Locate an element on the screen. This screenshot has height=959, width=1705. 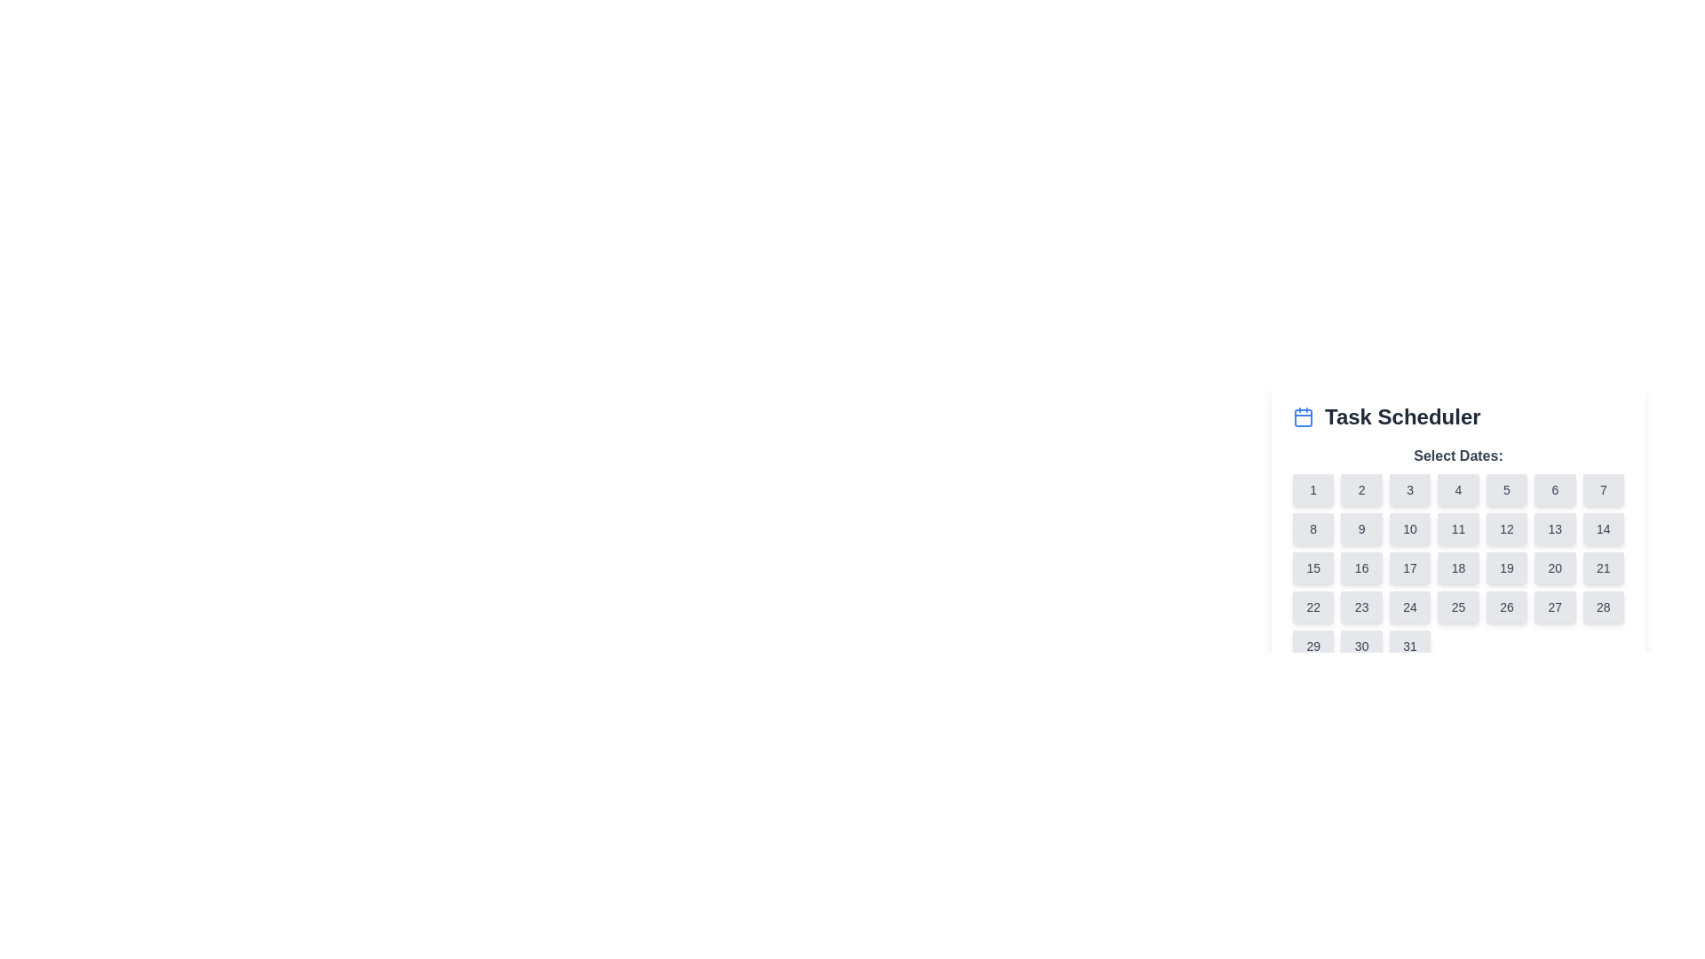
the first date button in the top-left corner of the date-selection grid is located at coordinates (1313, 489).